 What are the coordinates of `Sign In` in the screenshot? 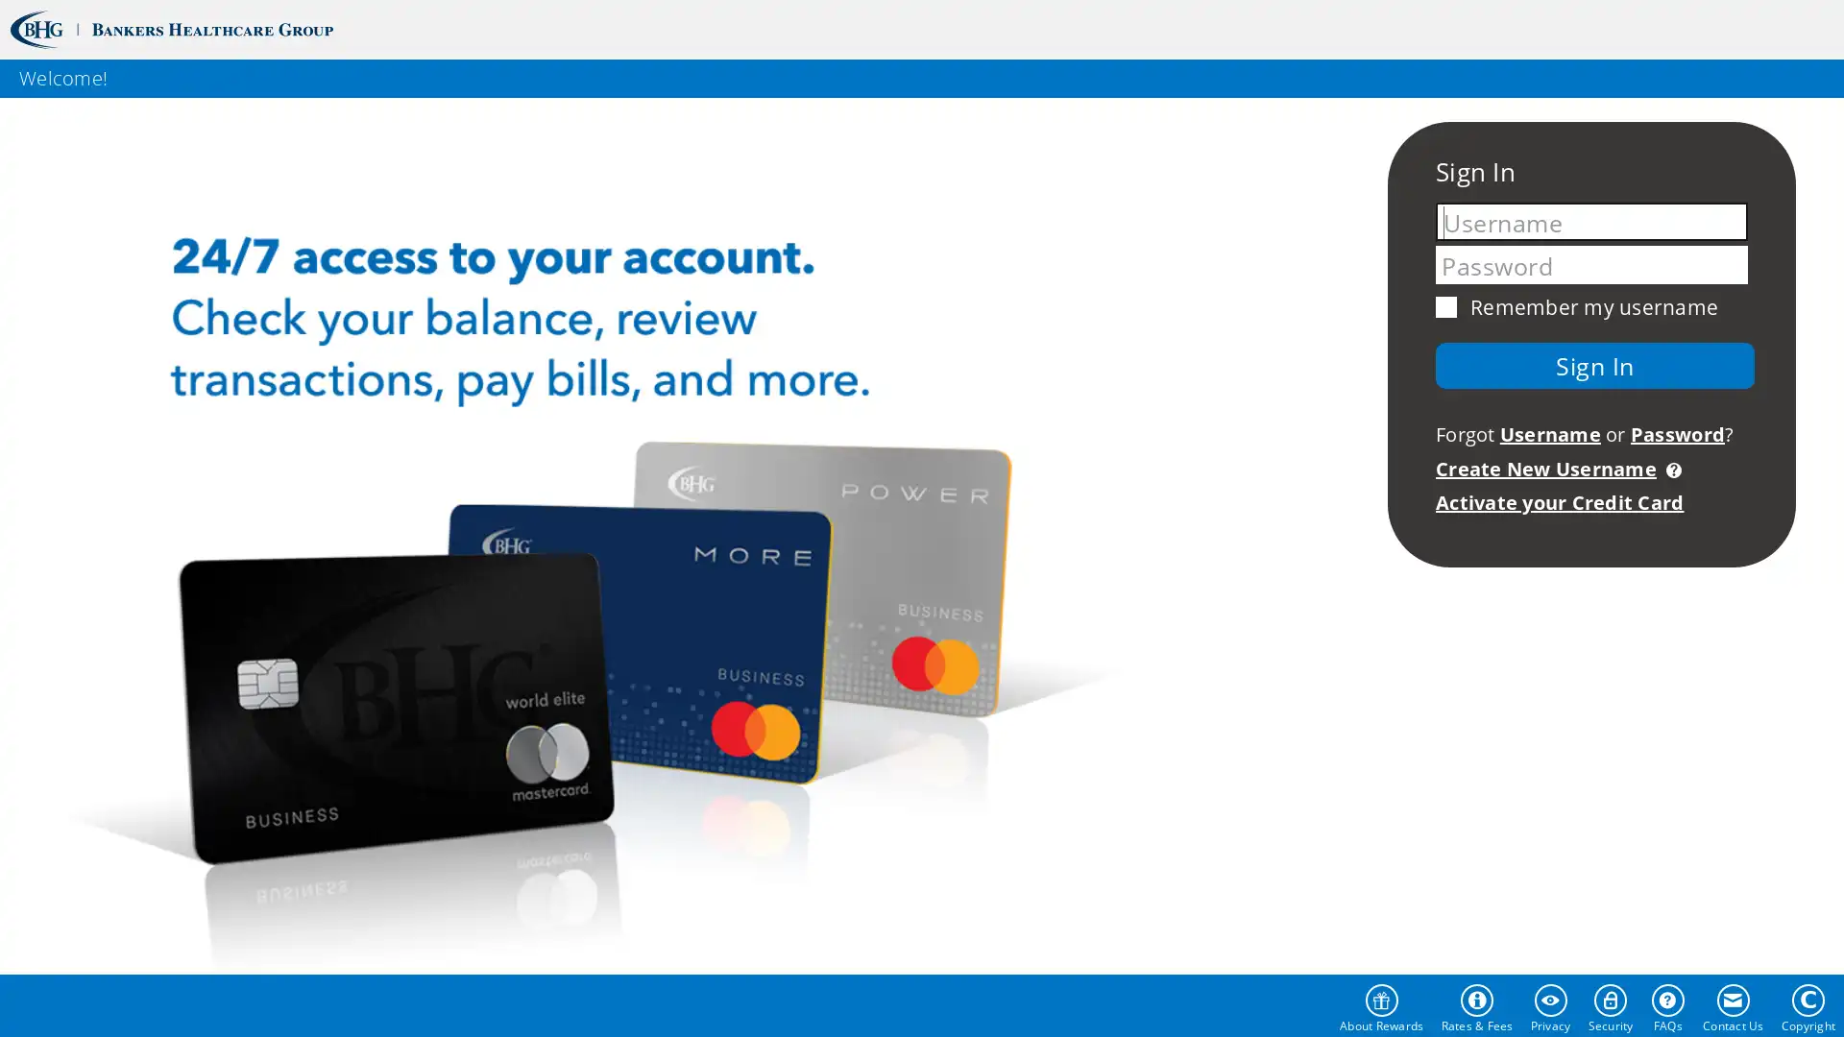 It's located at (1594, 365).